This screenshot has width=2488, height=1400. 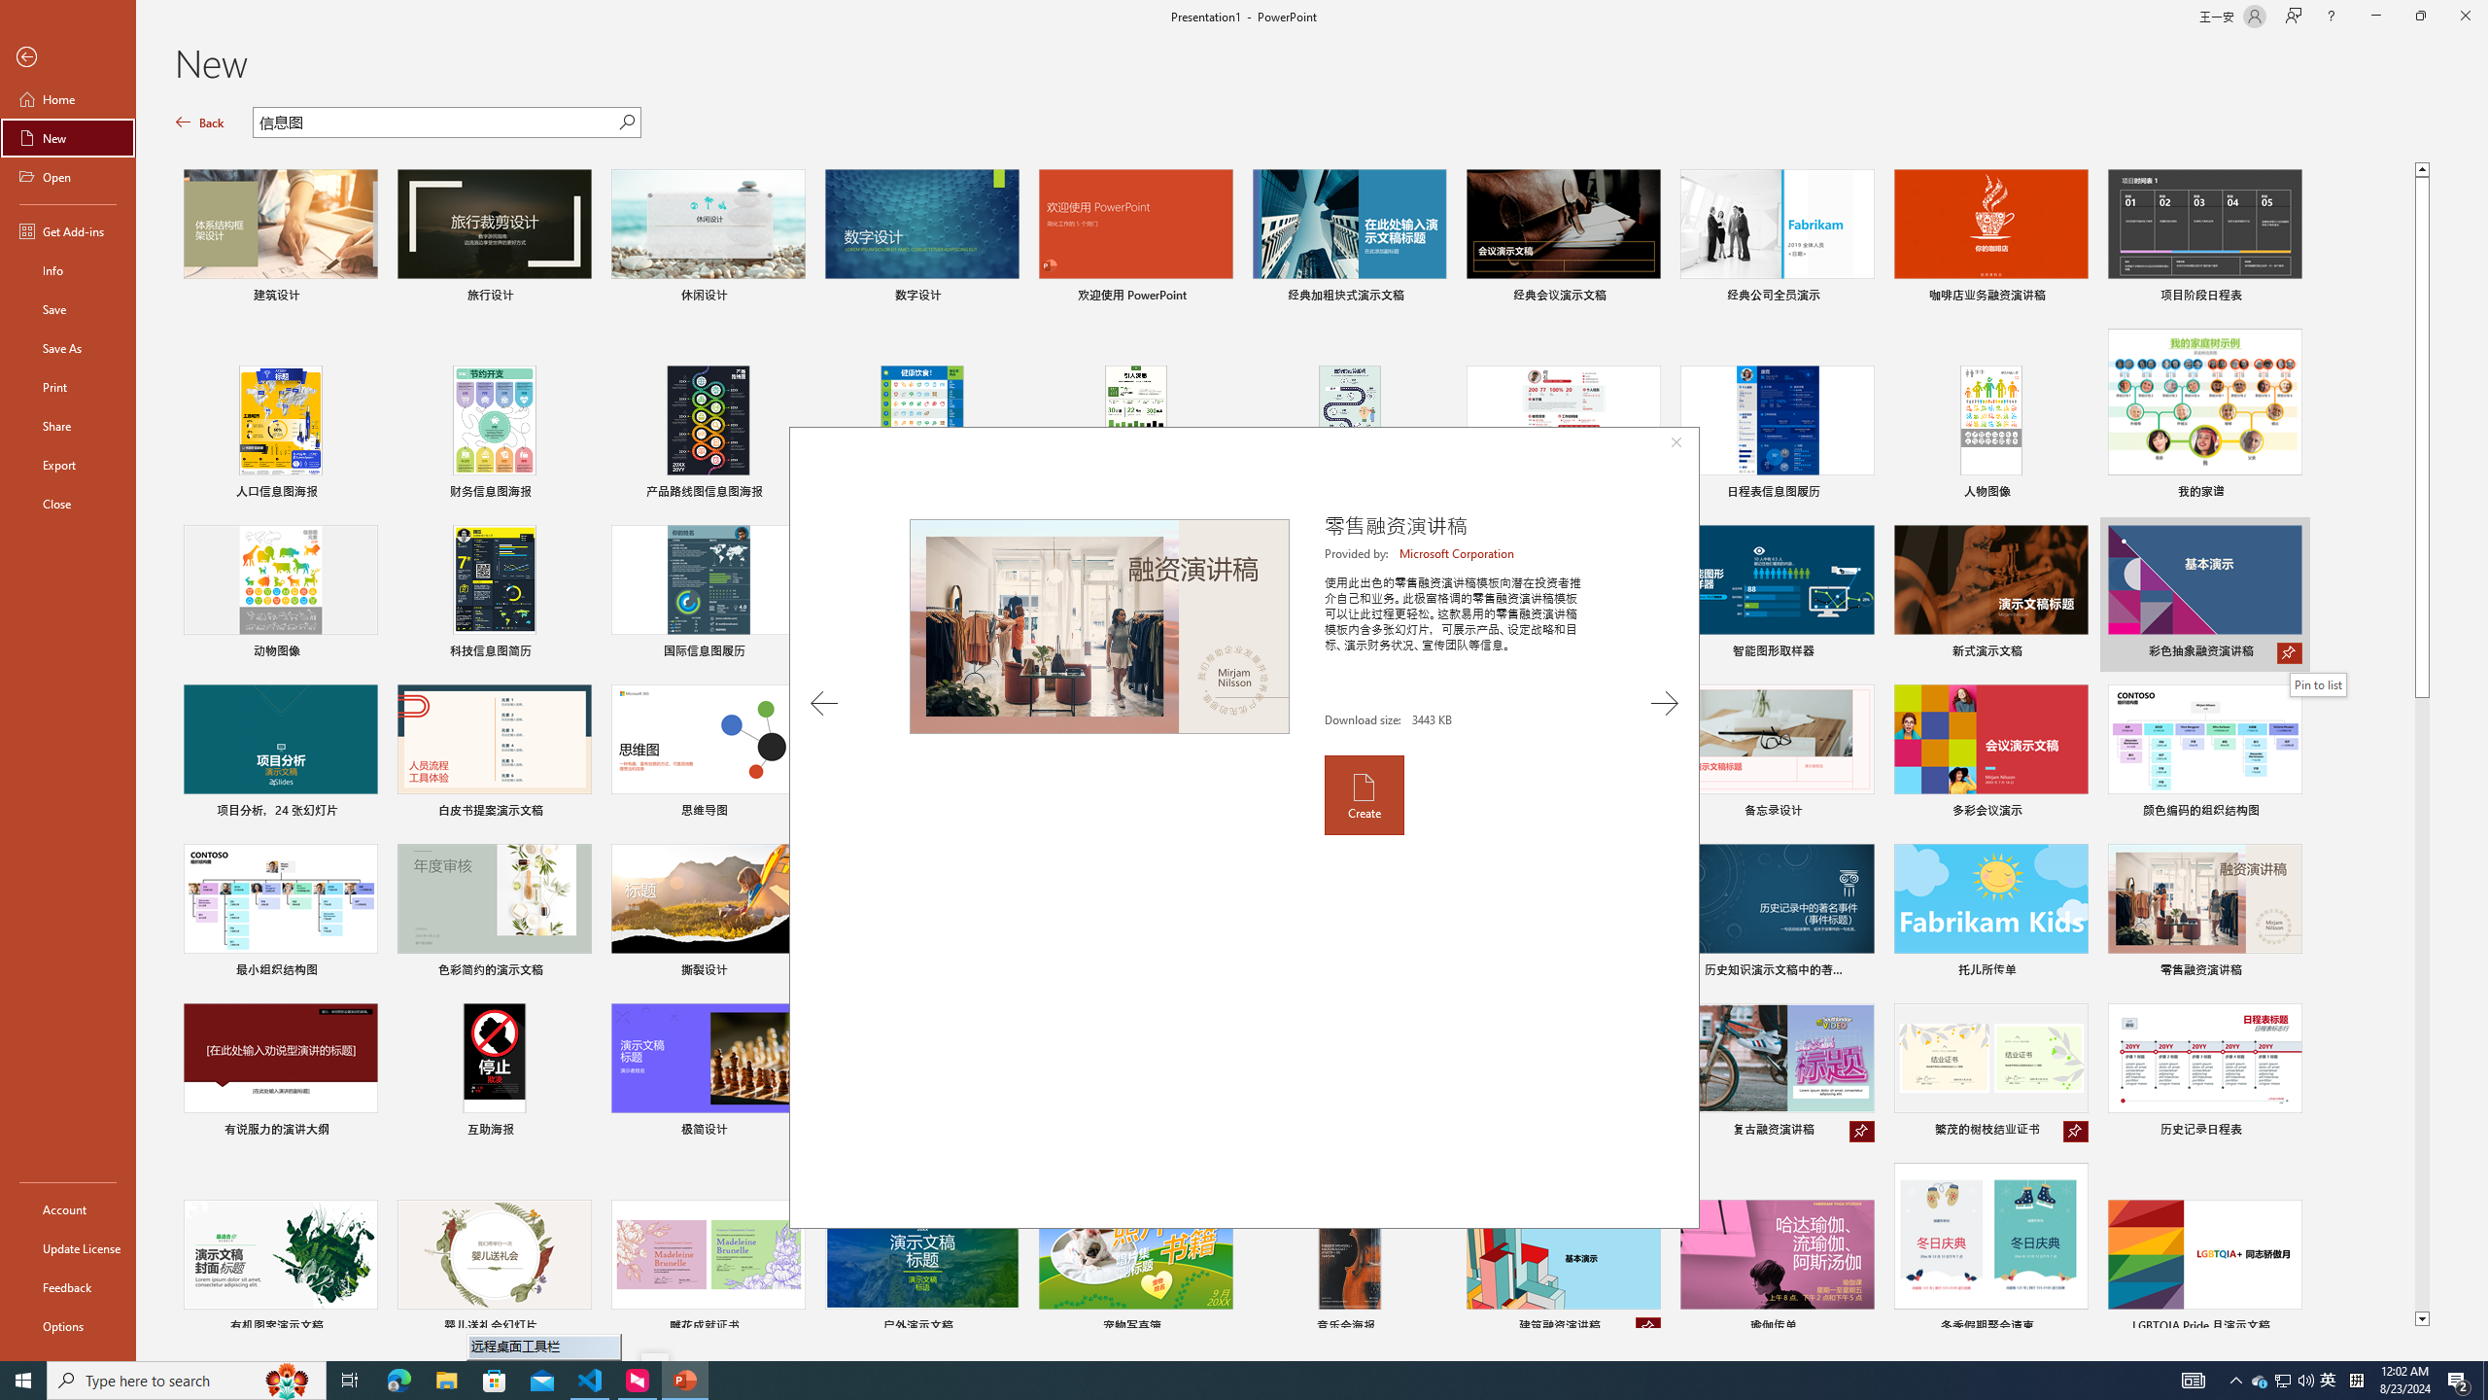 What do you see at coordinates (67, 1209) in the screenshot?
I see `'Account'` at bounding box center [67, 1209].